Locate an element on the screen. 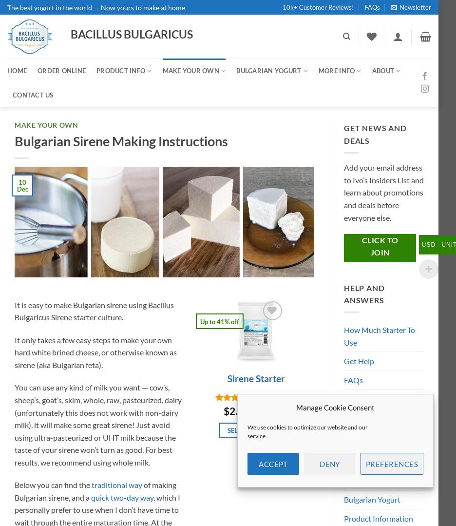  'ORDER ONLINE' is located at coordinates (61, 70).